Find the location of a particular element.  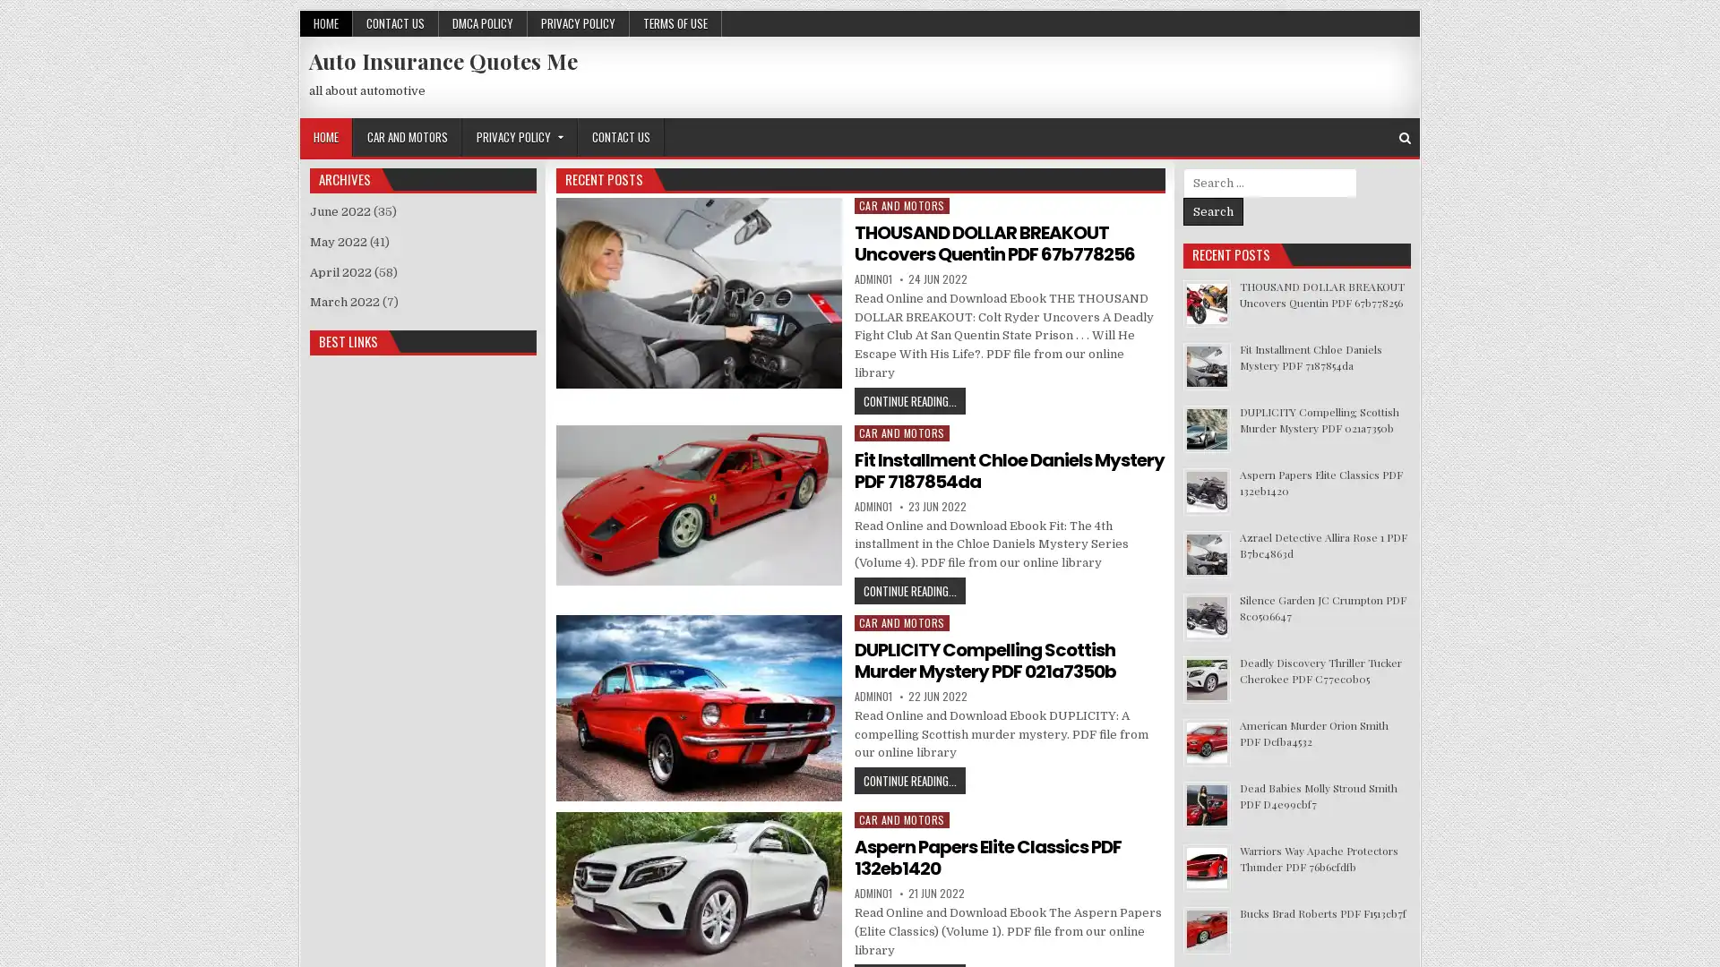

Search is located at coordinates (1213, 210).